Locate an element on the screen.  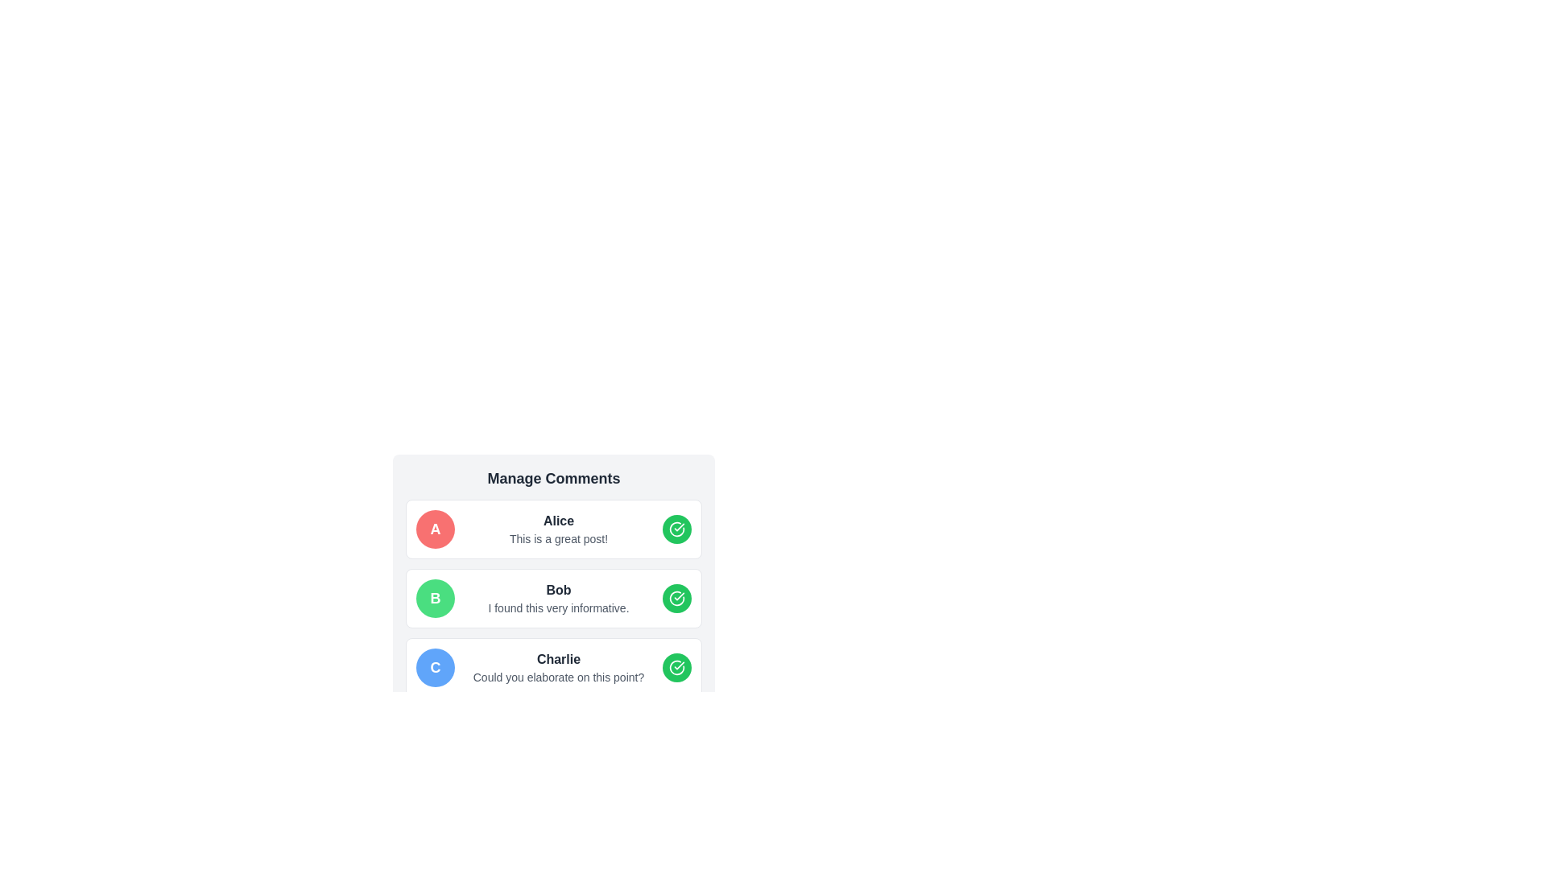
text from the comment block left by user 'Bob', located in the second comment card of the comments section, positioned between the comments of 'Alice' and 'Charlie' is located at coordinates (559, 599).